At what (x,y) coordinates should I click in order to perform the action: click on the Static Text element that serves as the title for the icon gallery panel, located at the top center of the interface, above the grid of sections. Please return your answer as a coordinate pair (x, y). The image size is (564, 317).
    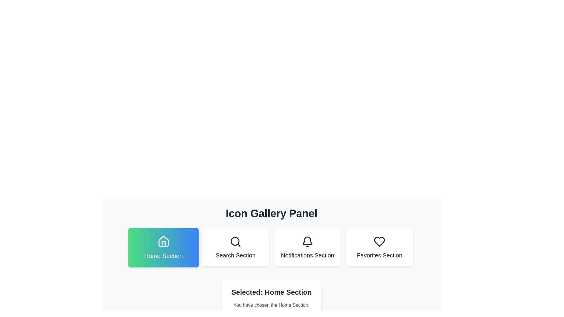
    Looking at the image, I should click on (271, 214).